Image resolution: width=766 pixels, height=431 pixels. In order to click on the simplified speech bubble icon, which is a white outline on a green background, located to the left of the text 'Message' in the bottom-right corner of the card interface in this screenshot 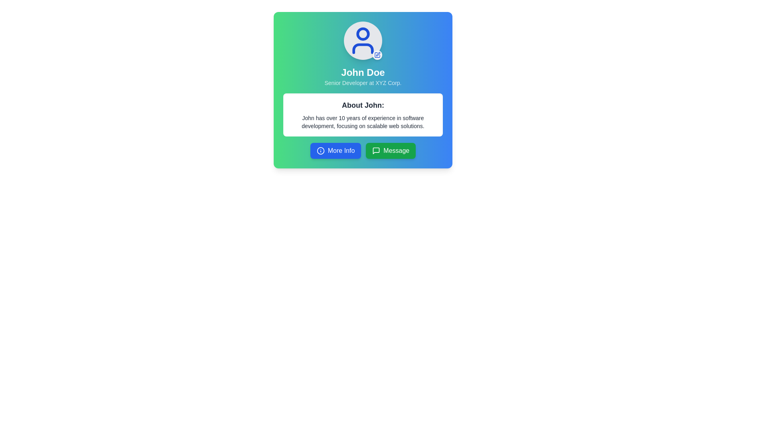, I will do `click(376, 151)`.